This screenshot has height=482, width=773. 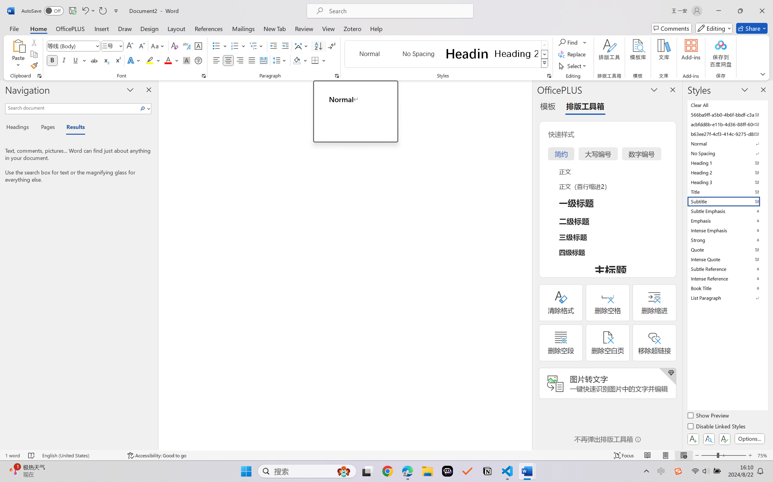 I want to click on 'Show Preview', so click(x=708, y=416).